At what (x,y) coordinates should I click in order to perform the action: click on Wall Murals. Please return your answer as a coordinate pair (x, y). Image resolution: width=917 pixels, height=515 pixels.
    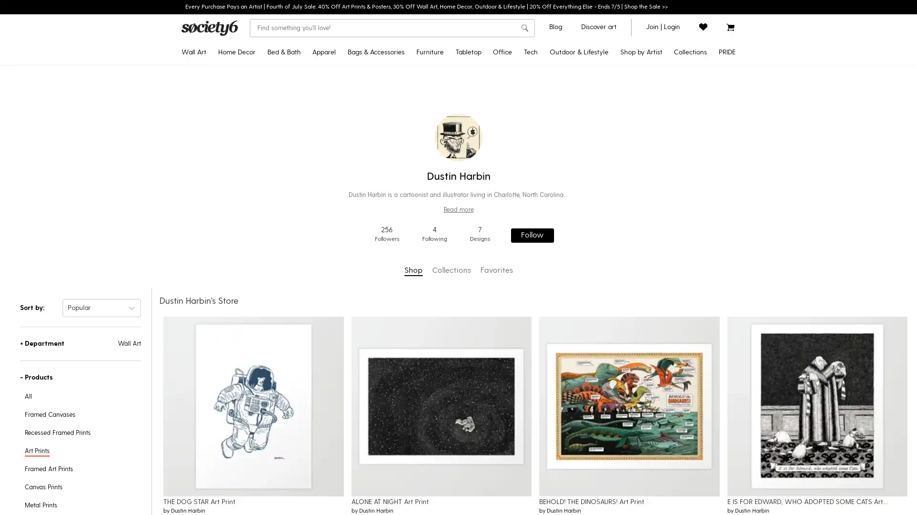
    Looking at the image, I should click on (255, 245).